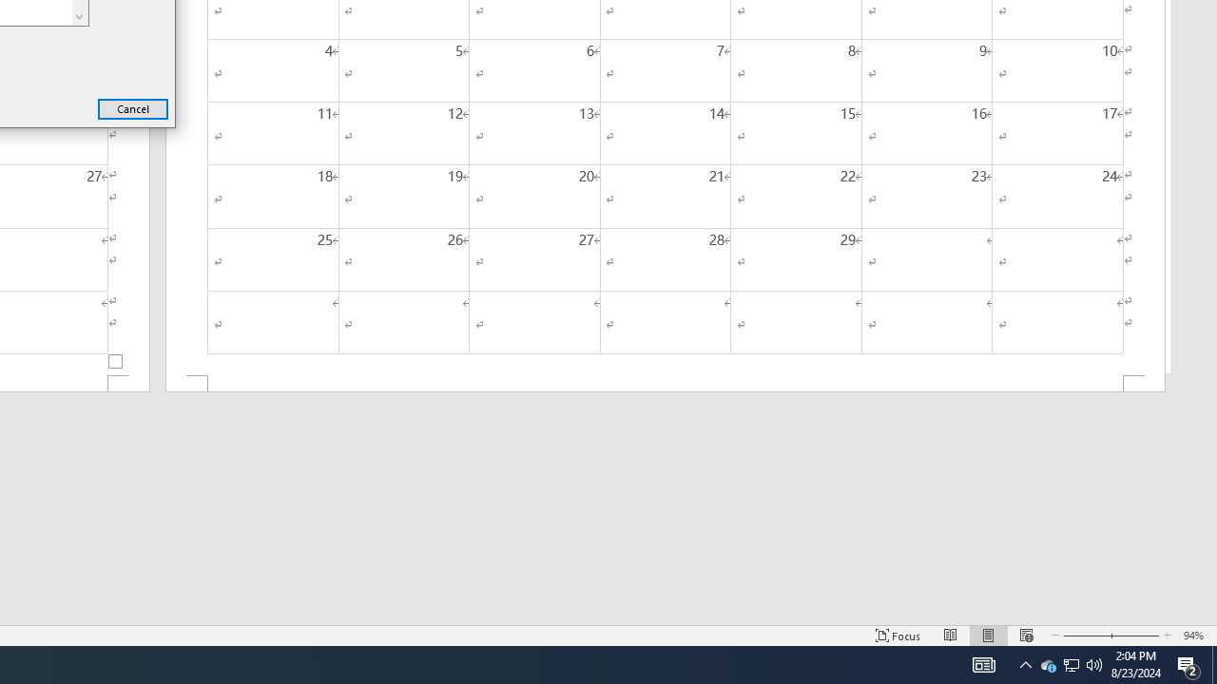 The image size is (1217, 684). I want to click on 'AutomationID: 4105', so click(983, 663).